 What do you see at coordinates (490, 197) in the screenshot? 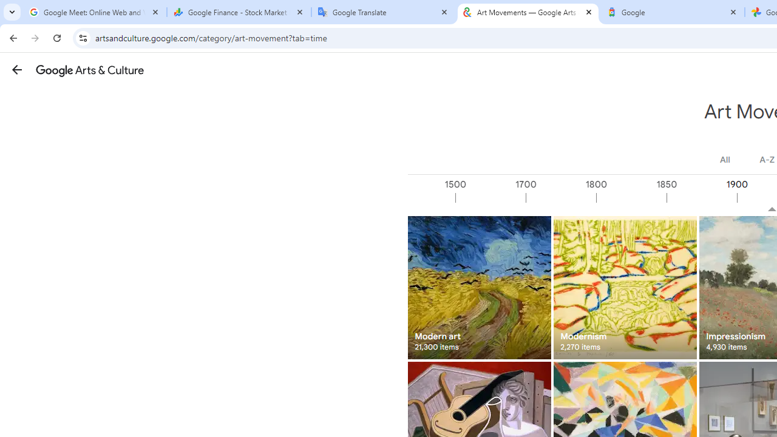
I see `'1500'` at bounding box center [490, 197].